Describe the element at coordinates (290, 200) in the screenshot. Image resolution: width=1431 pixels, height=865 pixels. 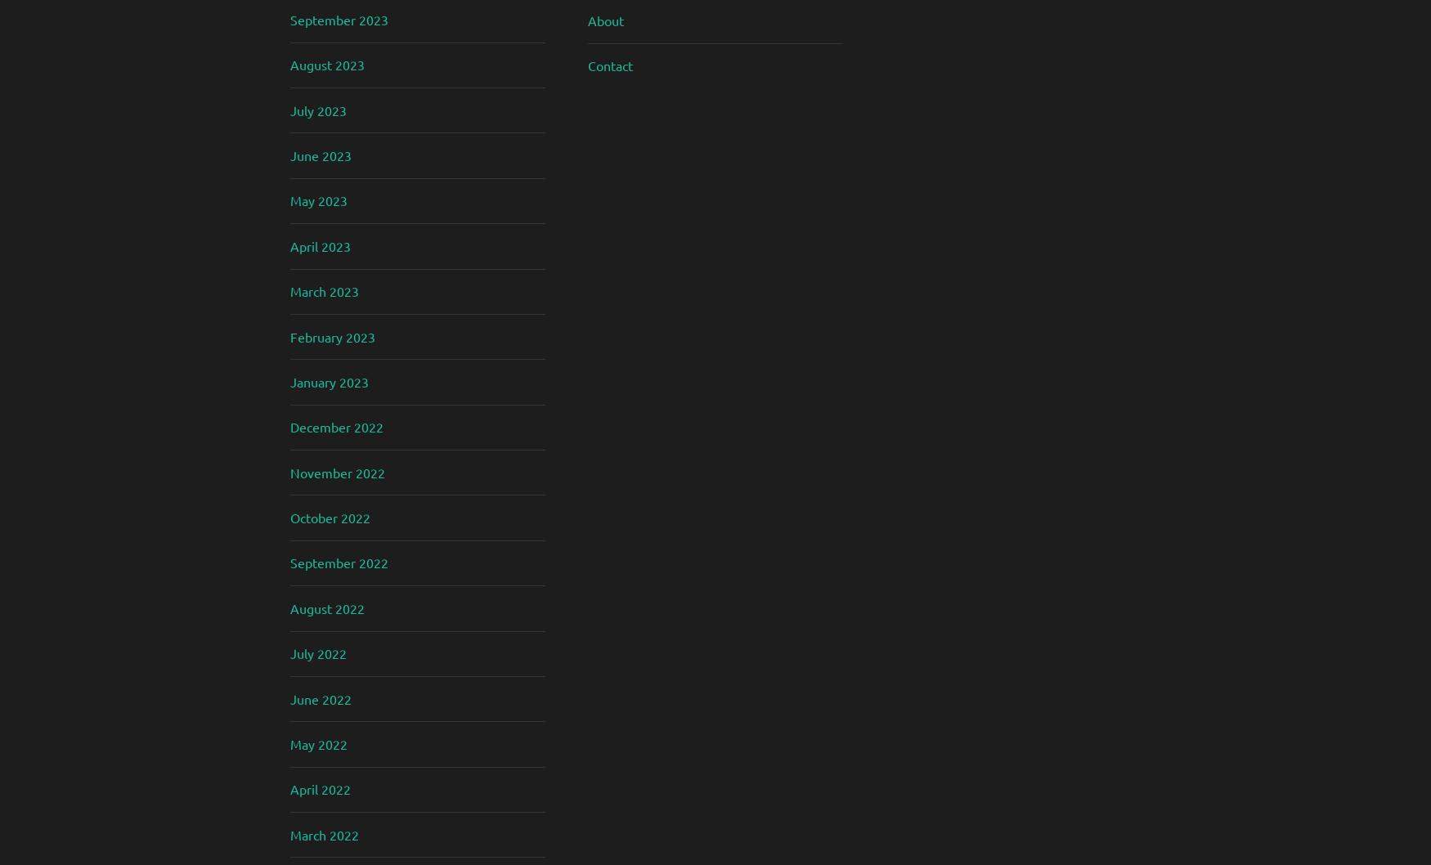
I see `'May 2023'` at that location.